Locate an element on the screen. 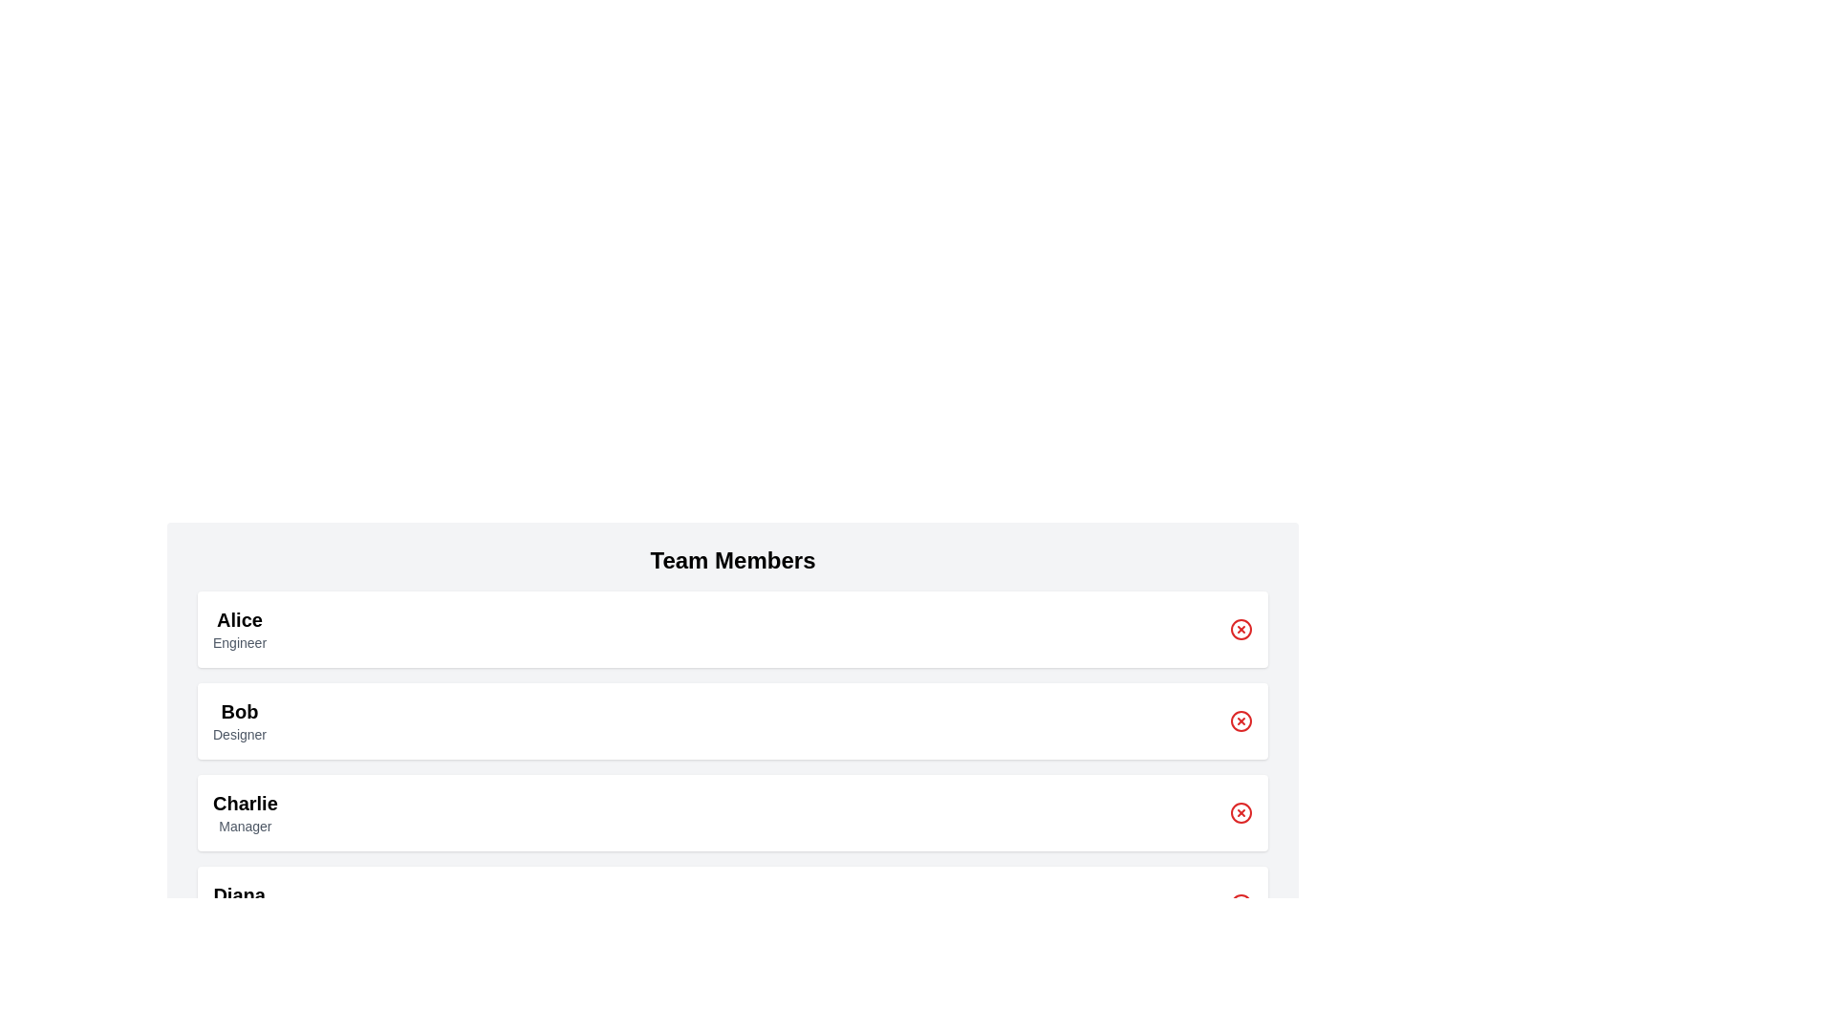  the red outlined circular delete button with a red cross located in the top-right corner of Alice's list item under Team Members is located at coordinates (1241, 630).